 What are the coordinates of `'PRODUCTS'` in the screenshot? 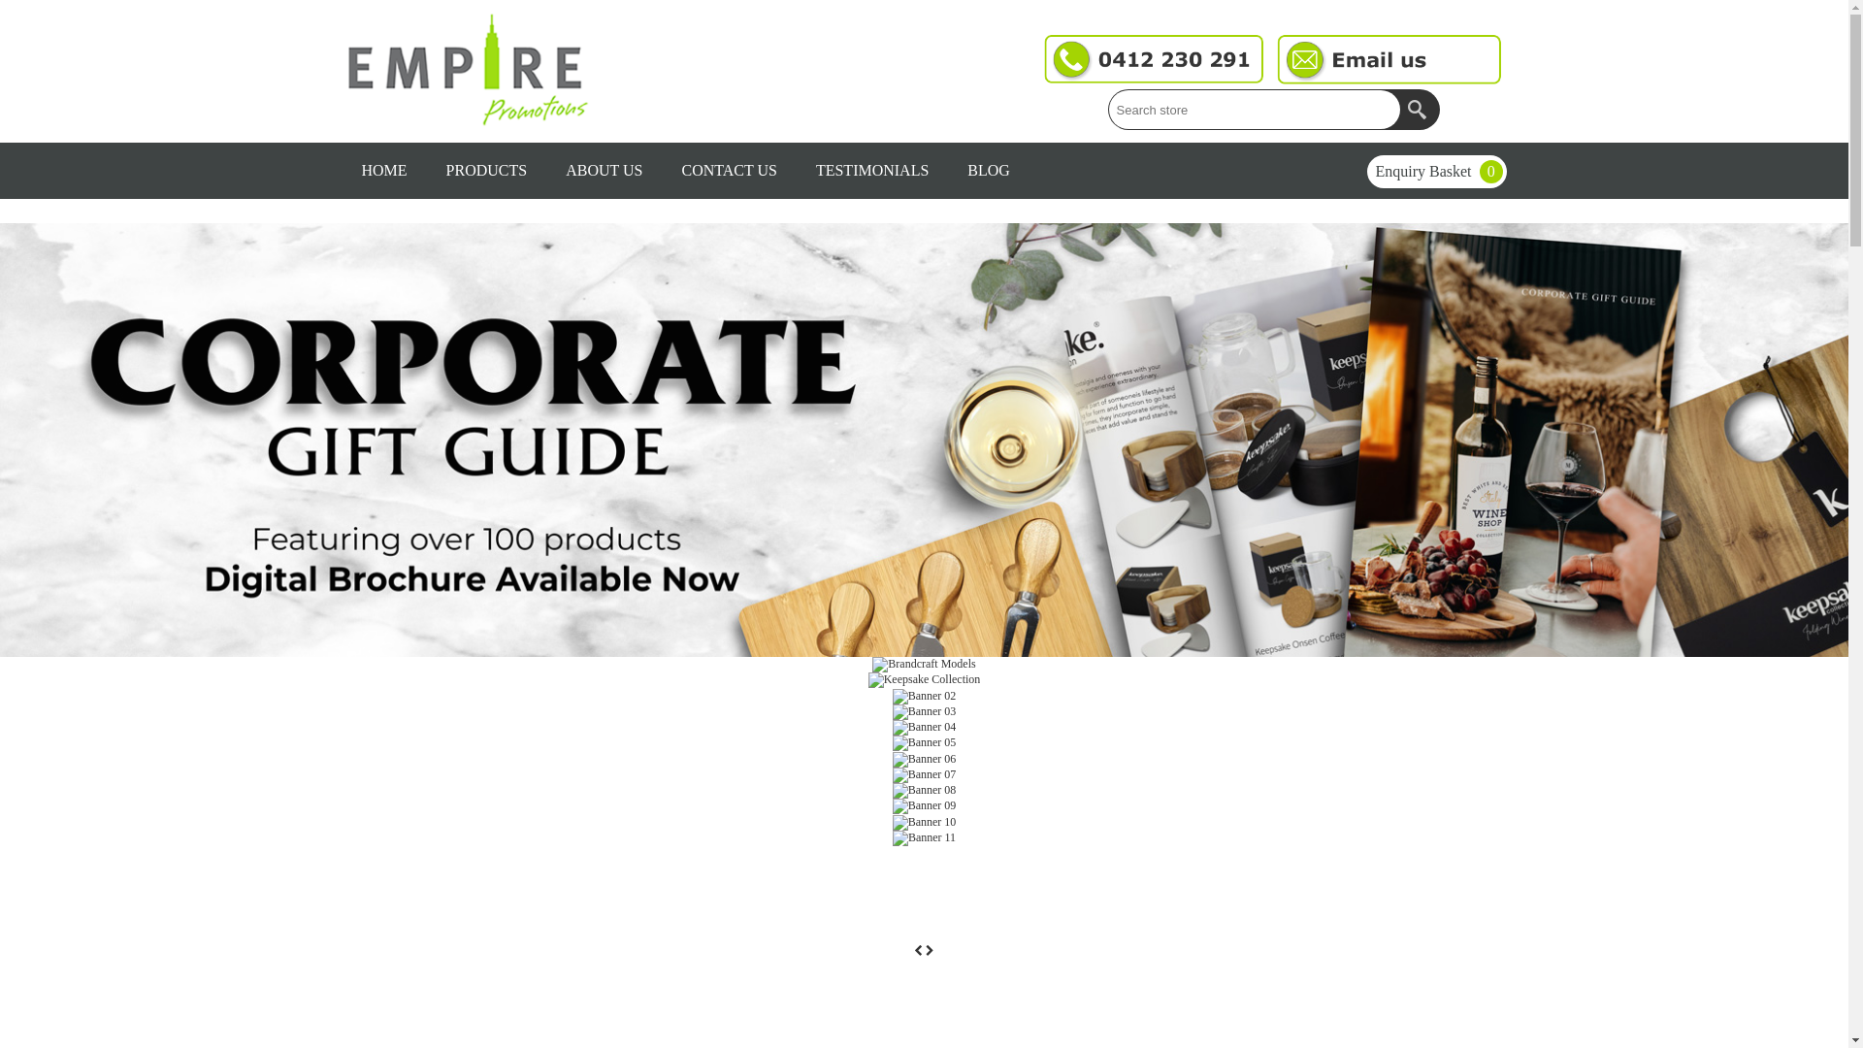 It's located at (426, 170).